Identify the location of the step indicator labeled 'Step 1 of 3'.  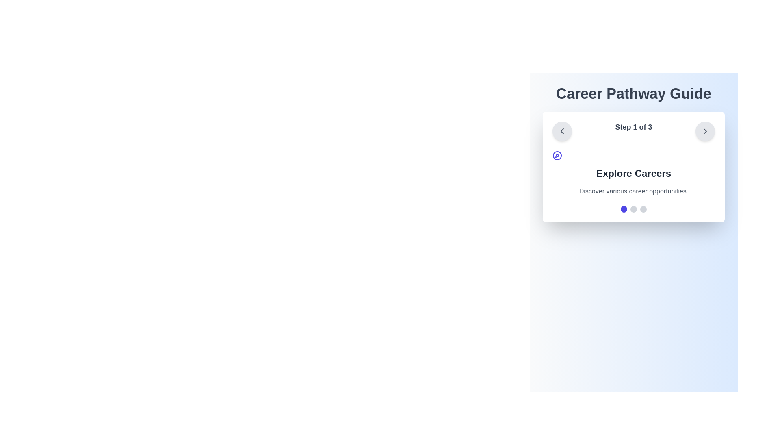
(633, 131).